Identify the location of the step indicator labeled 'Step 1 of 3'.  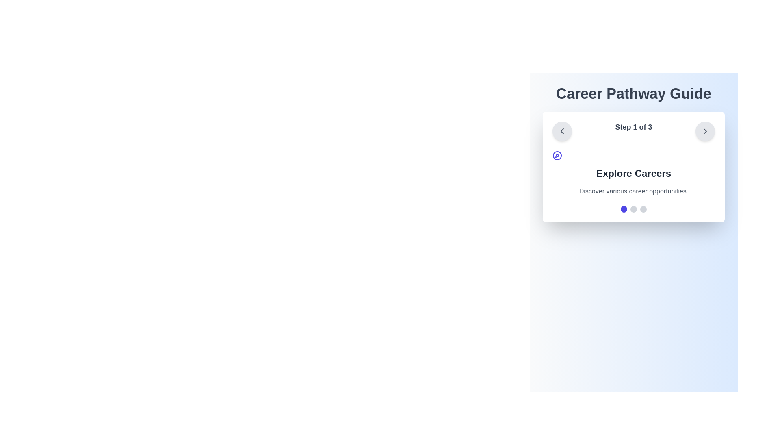
(633, 131).